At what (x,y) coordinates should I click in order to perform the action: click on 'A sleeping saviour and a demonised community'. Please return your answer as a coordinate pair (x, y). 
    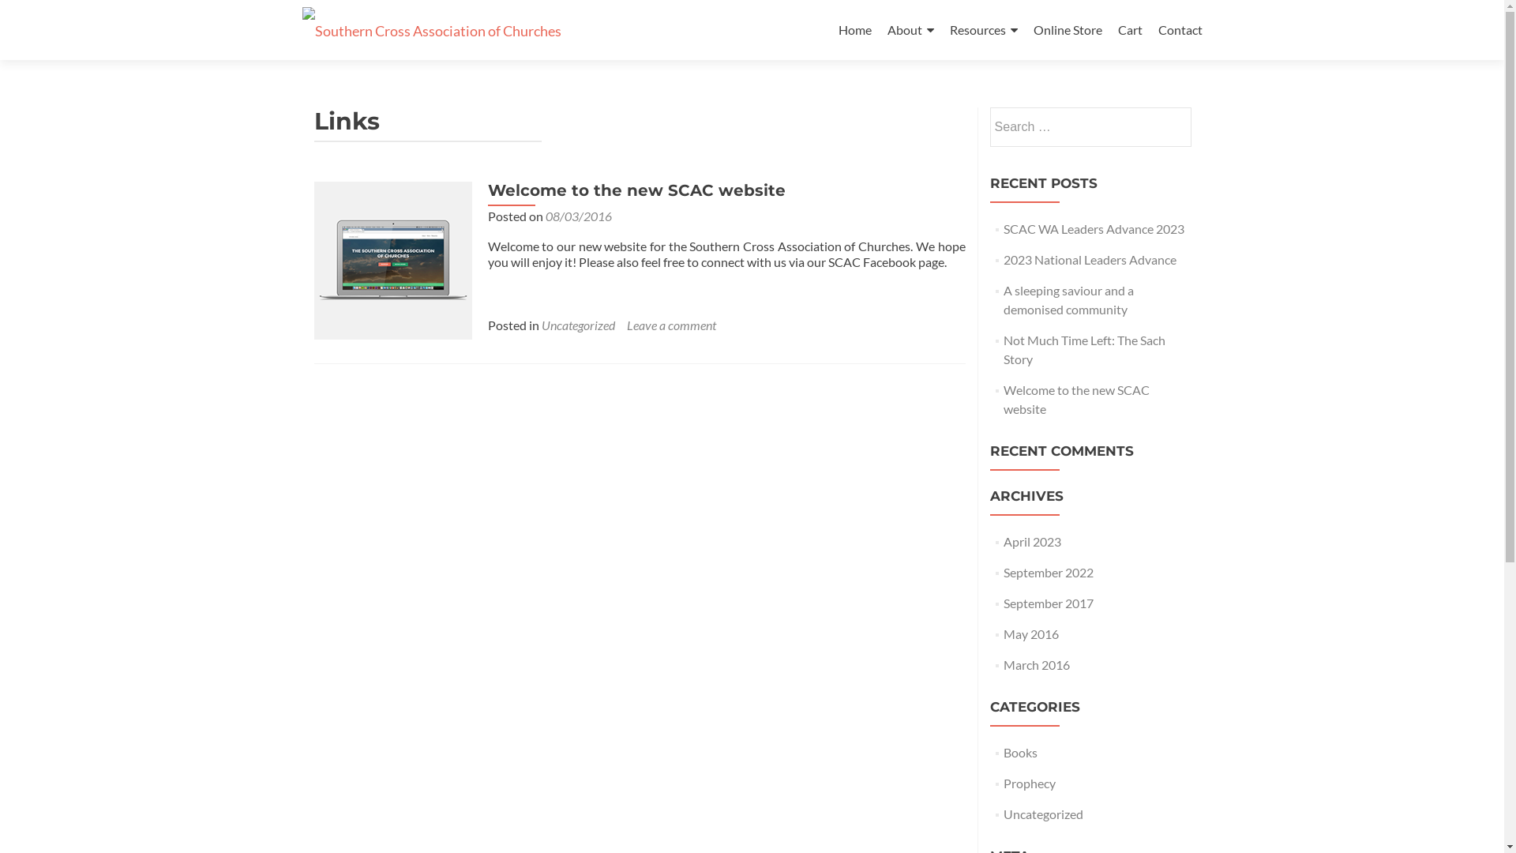
    Looking at the image, I should click on (1003, 299).